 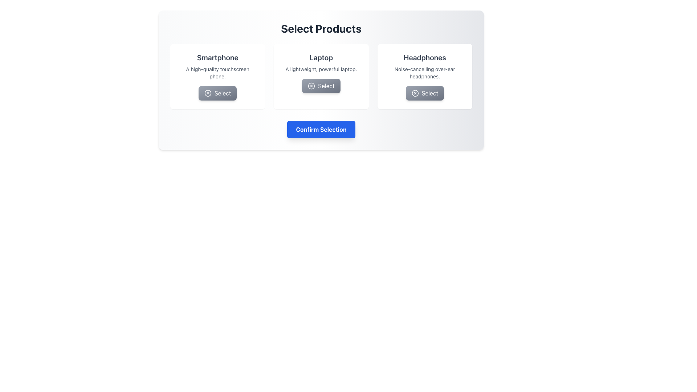 I want to click on the button labeled 'Select' located at the bottom of the panel describing the 'Laptop' product, which is part of the 'Select Products' section, so click(x=321, y=77).